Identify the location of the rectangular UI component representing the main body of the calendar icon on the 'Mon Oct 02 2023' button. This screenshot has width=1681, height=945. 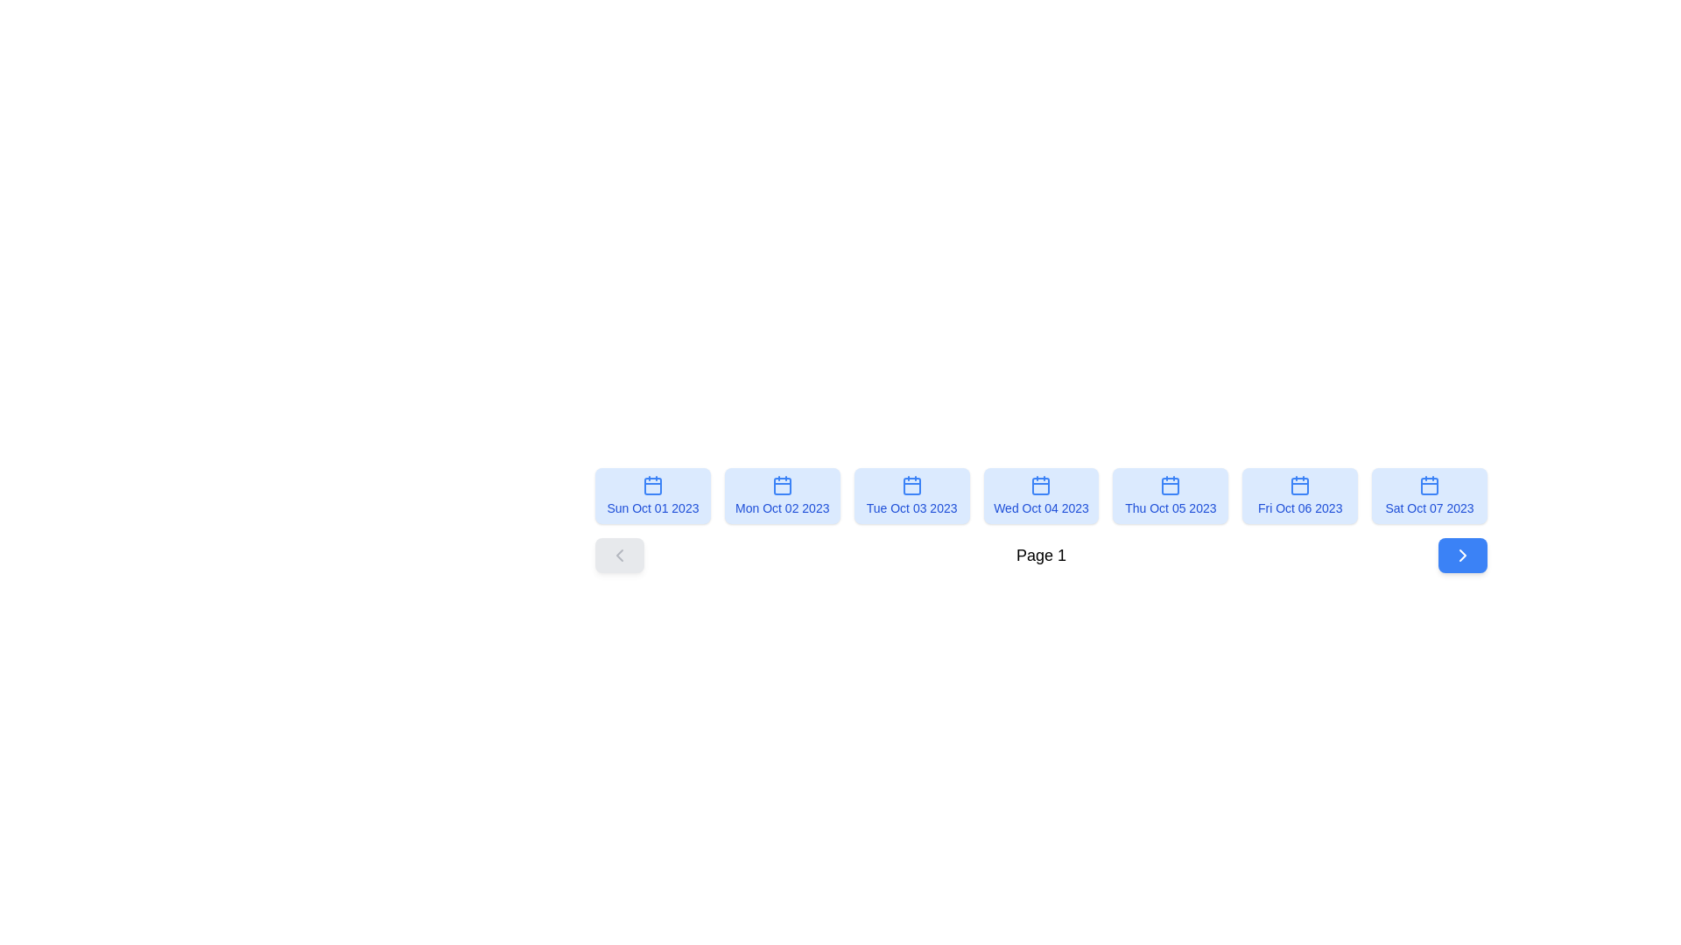
(781, 486).